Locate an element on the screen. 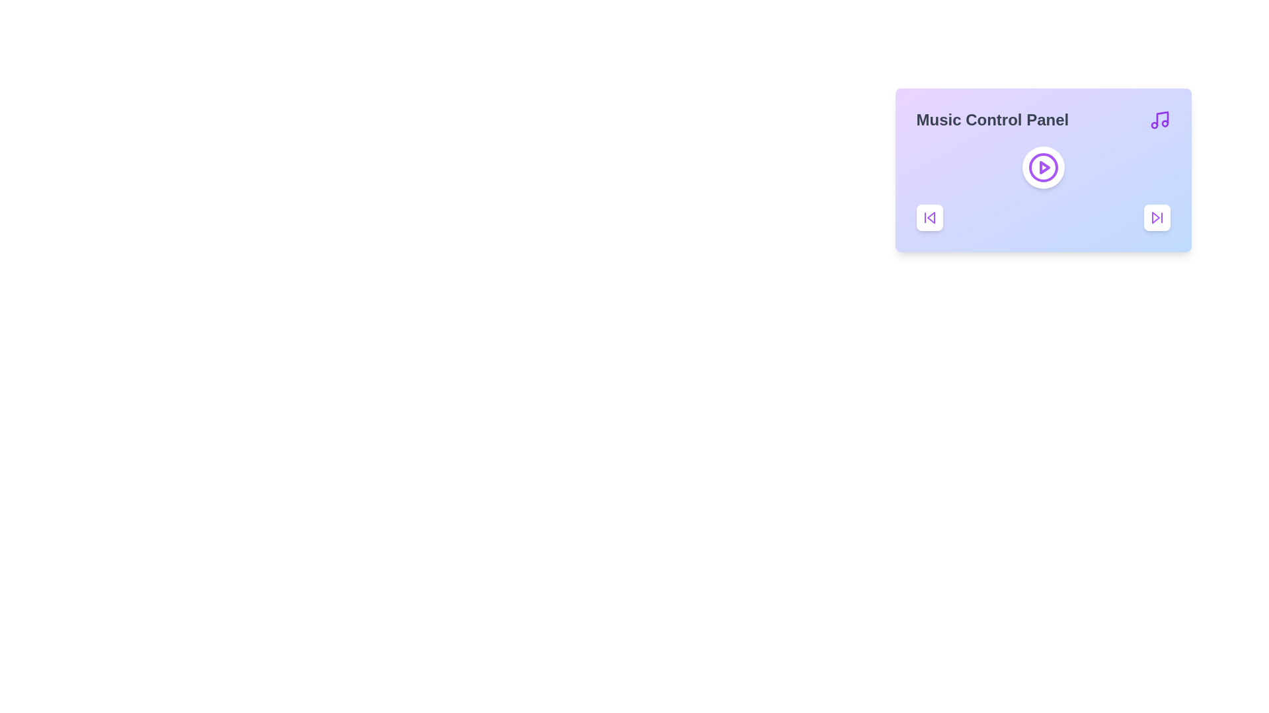 This screenshot has height=713, width=1269. the outer circular component of the play button located in the middle of the music control panel is located at coordinates (1042, 167).